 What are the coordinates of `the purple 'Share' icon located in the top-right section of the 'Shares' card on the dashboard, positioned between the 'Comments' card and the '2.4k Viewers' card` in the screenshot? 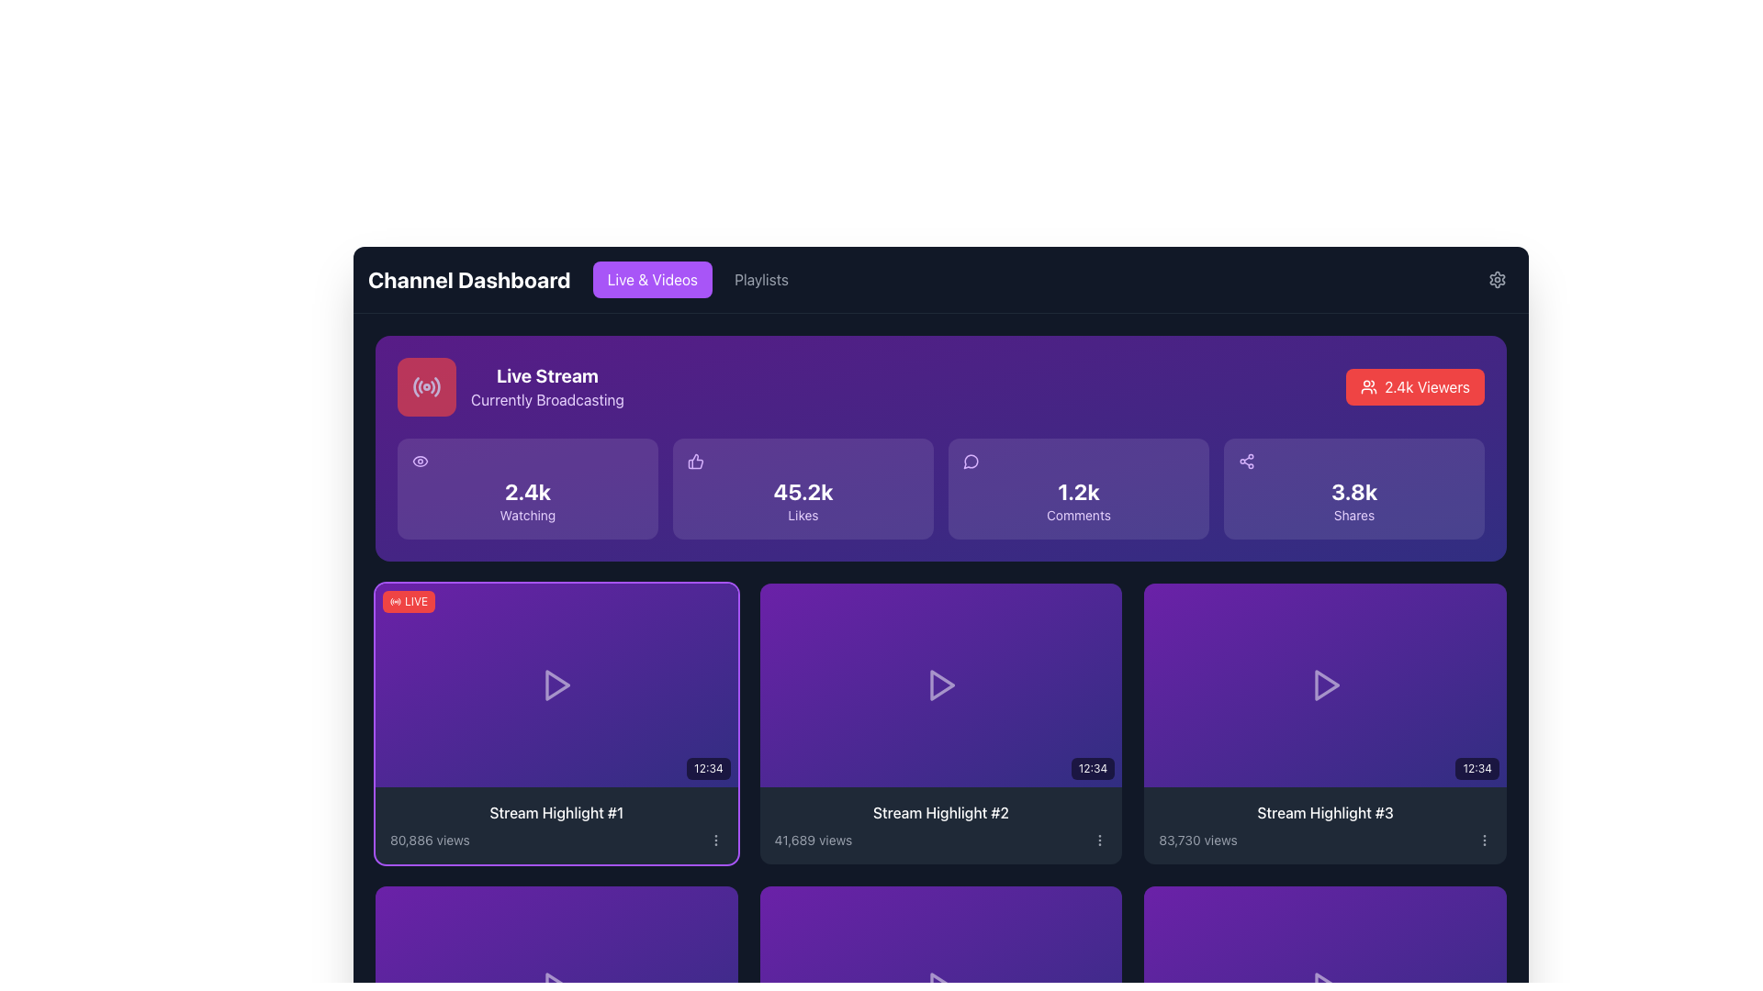 It's located at (1247, 460).